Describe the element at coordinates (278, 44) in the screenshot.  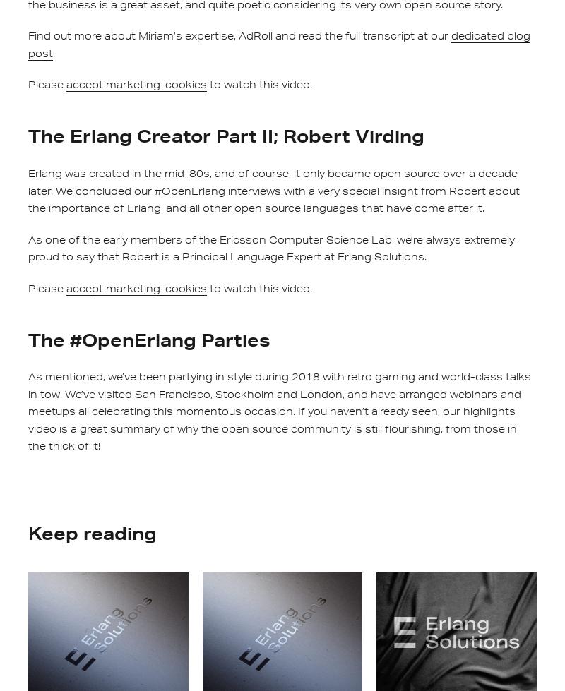
I see `'dedicated blog post'` at that location.